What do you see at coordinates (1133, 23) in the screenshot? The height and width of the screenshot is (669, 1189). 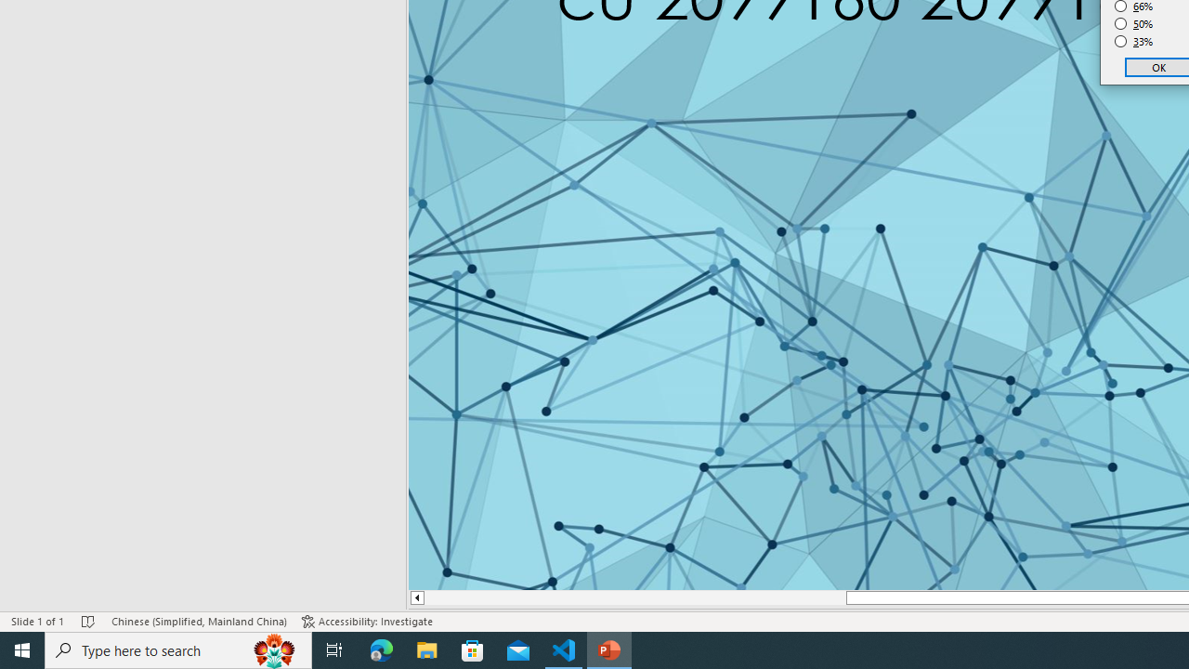 I see `'50%'` at bounding box center [1133, 23].